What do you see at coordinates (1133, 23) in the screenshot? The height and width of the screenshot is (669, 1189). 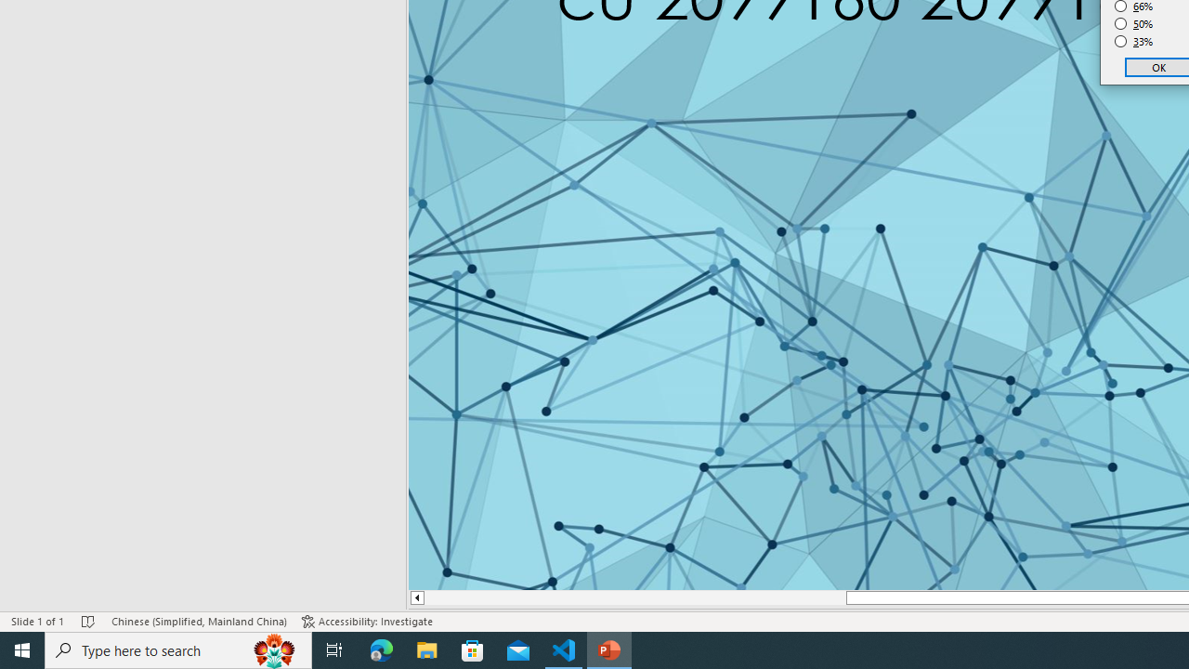 I see `'50%'` at bounding box center [1133, 23].